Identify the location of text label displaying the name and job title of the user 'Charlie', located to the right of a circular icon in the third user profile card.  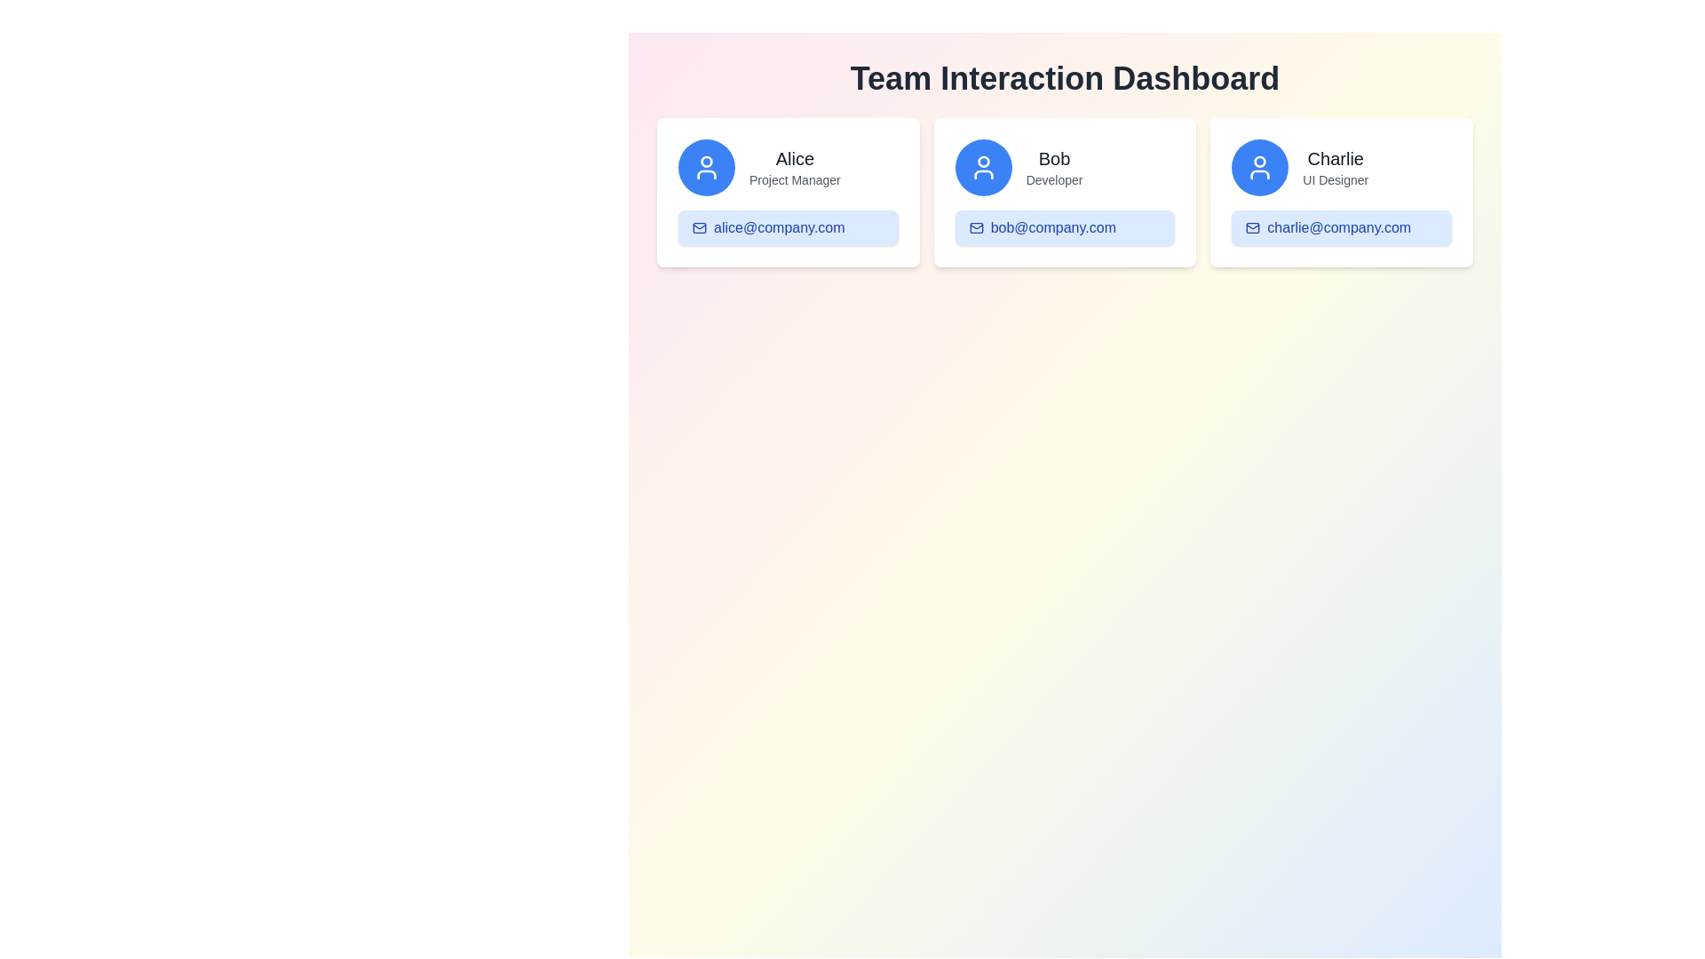
(1336, 168).